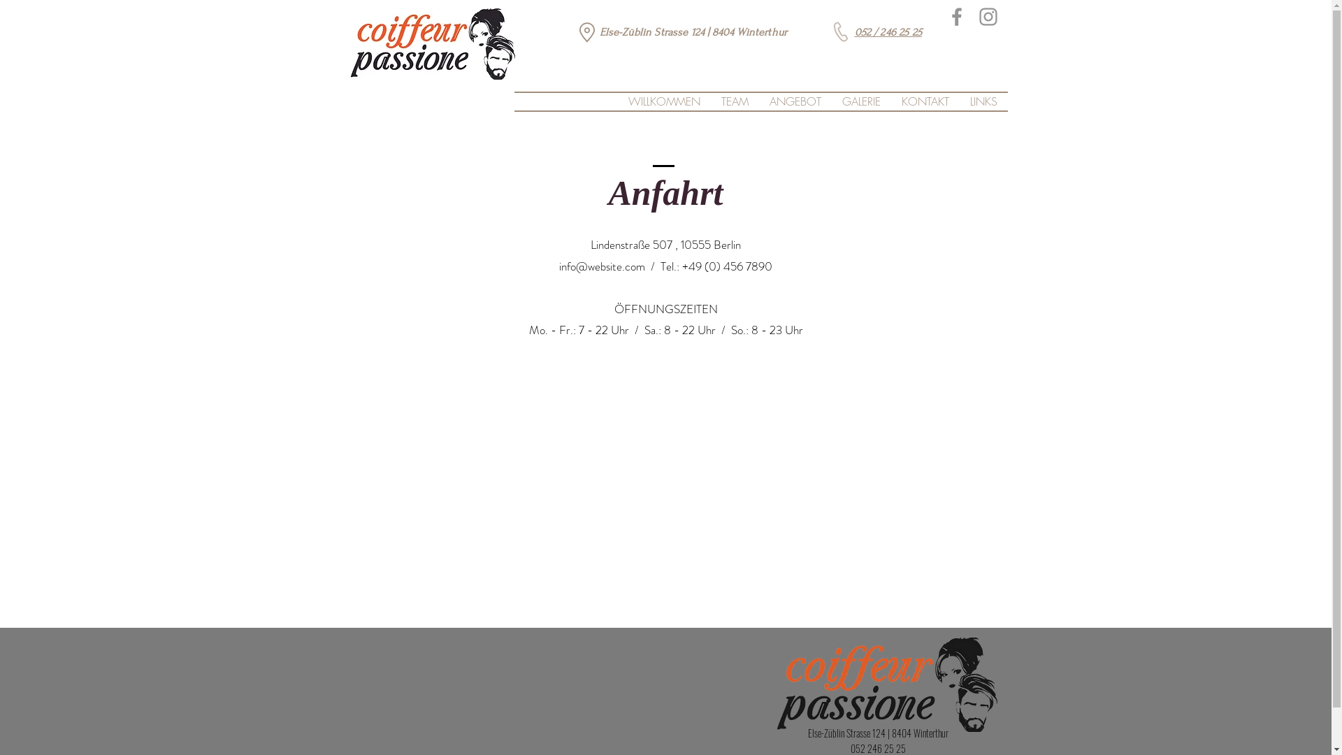 This screenshot has height=755, width=1342. What do you see at coordinates (795, 101) in the screenshot?
I see `'ANGEBOT'` at bounding box center [795, 101].